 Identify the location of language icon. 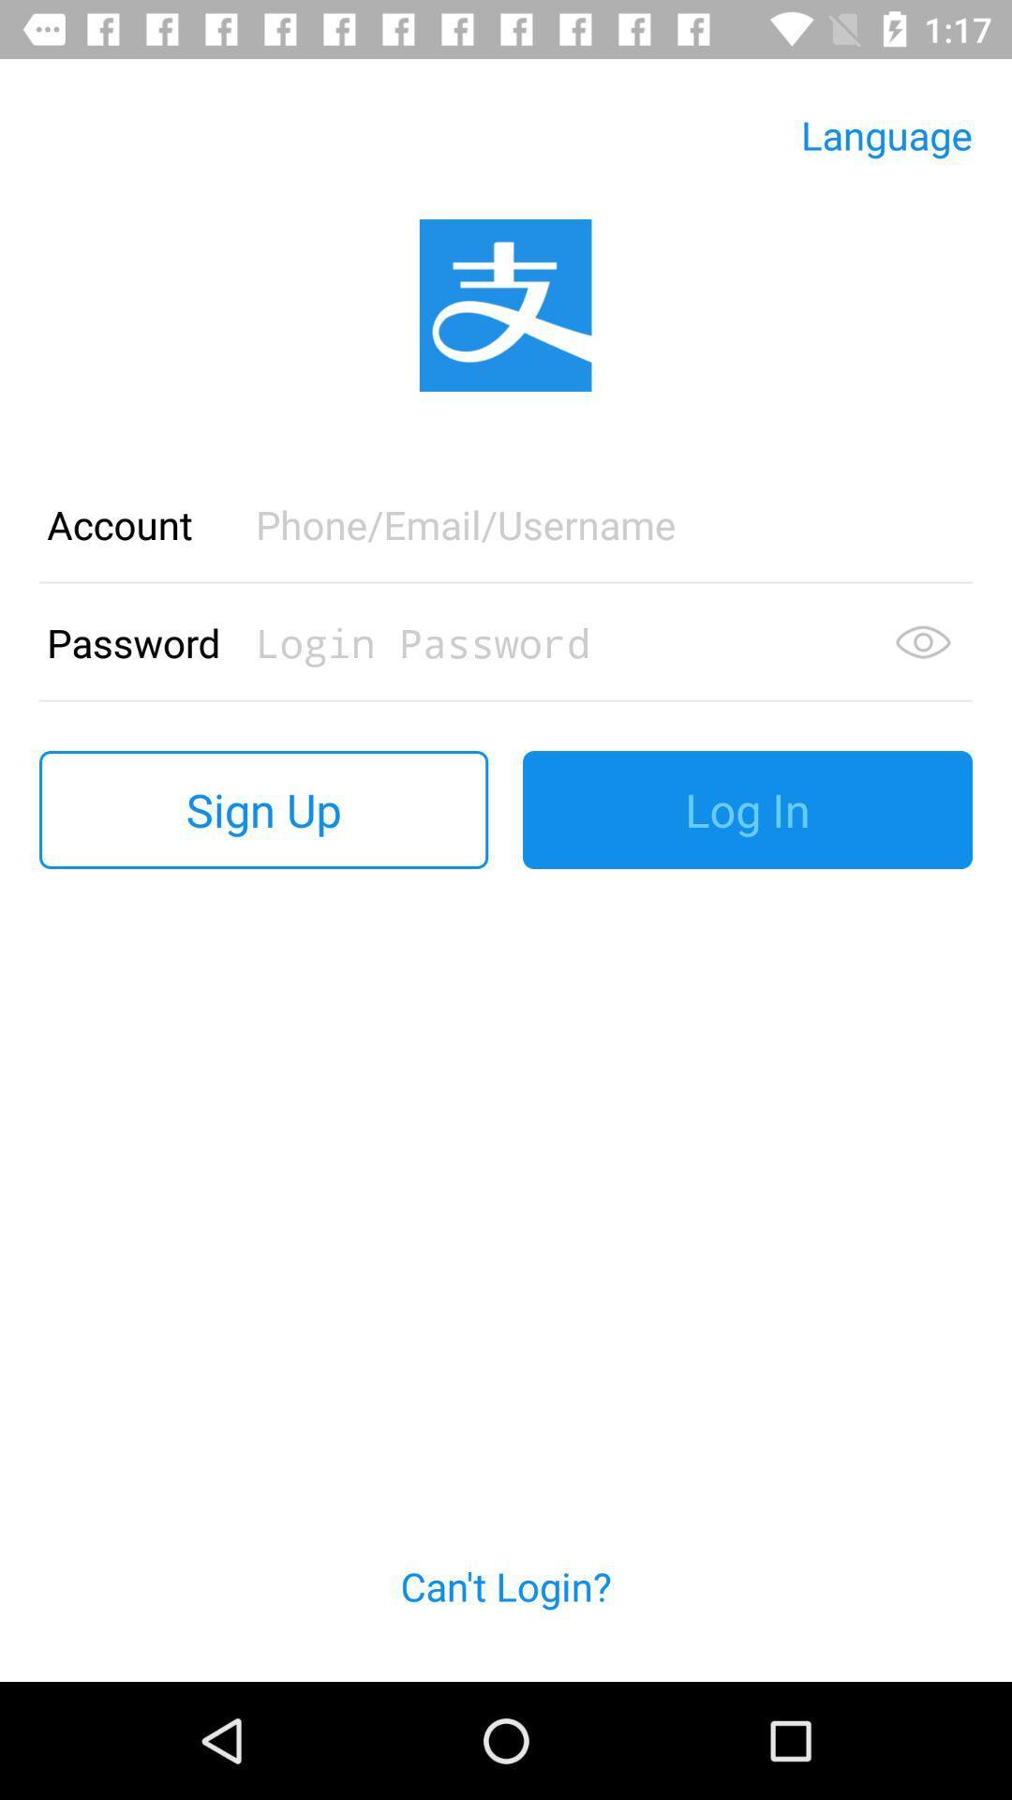
(885, 134).